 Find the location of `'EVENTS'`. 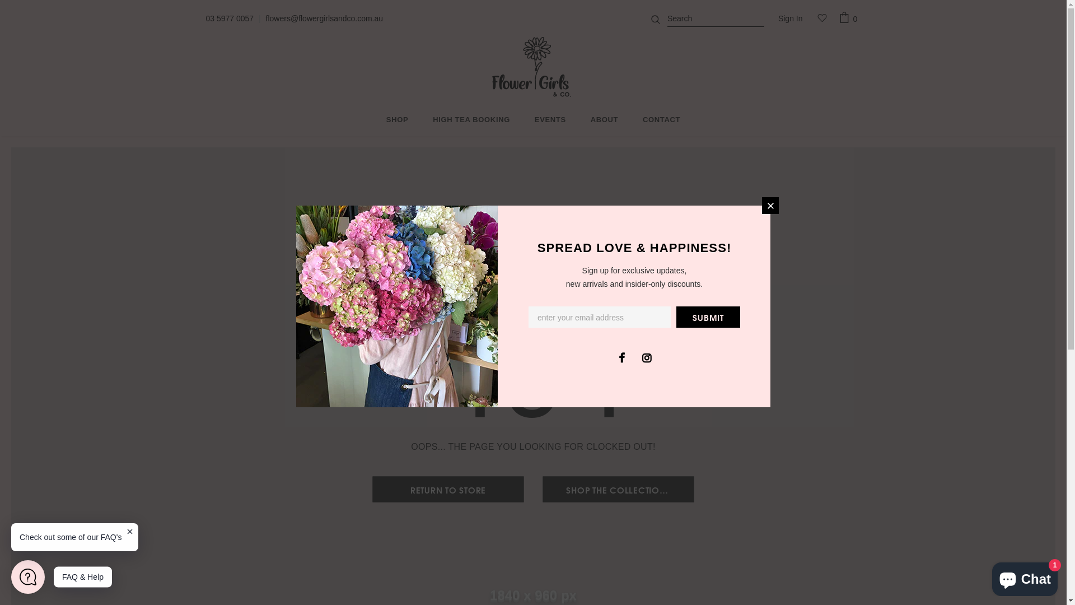

'EVENTS' is located at coordinates (534, 121).